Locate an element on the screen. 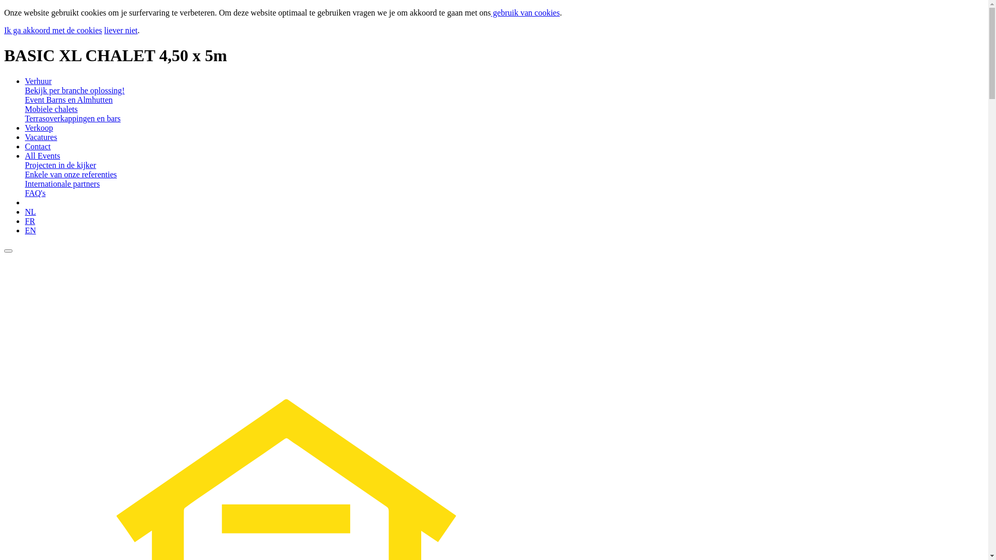 Image resolution: width=996 pixels, height=560 pixels. 'Event Barns en Almhutten' is located at coordinates (68, 100).